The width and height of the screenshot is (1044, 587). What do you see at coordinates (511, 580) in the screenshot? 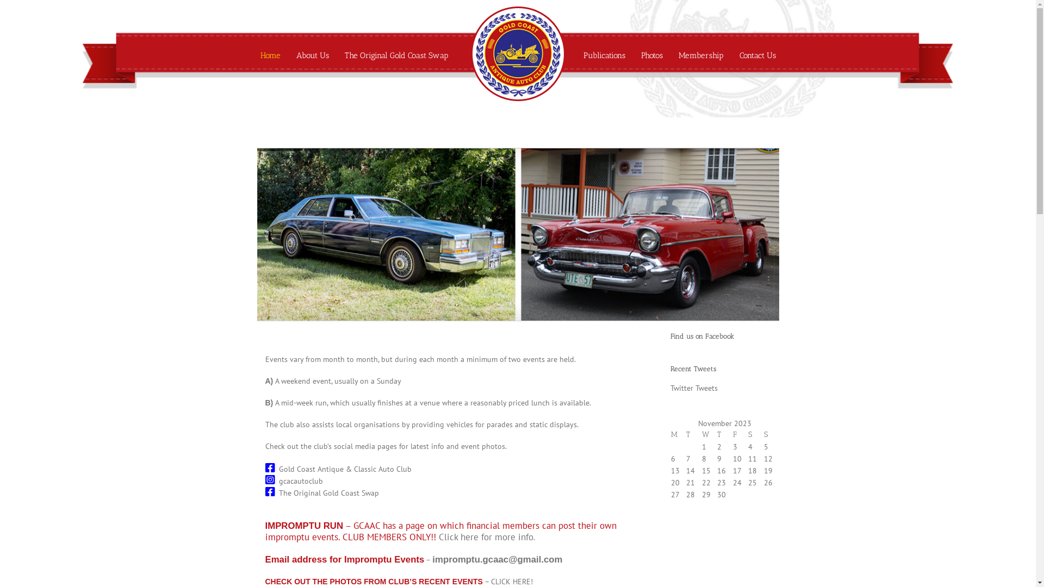
I see `'CLICK HERE!'` at bounding box center [511, 580].